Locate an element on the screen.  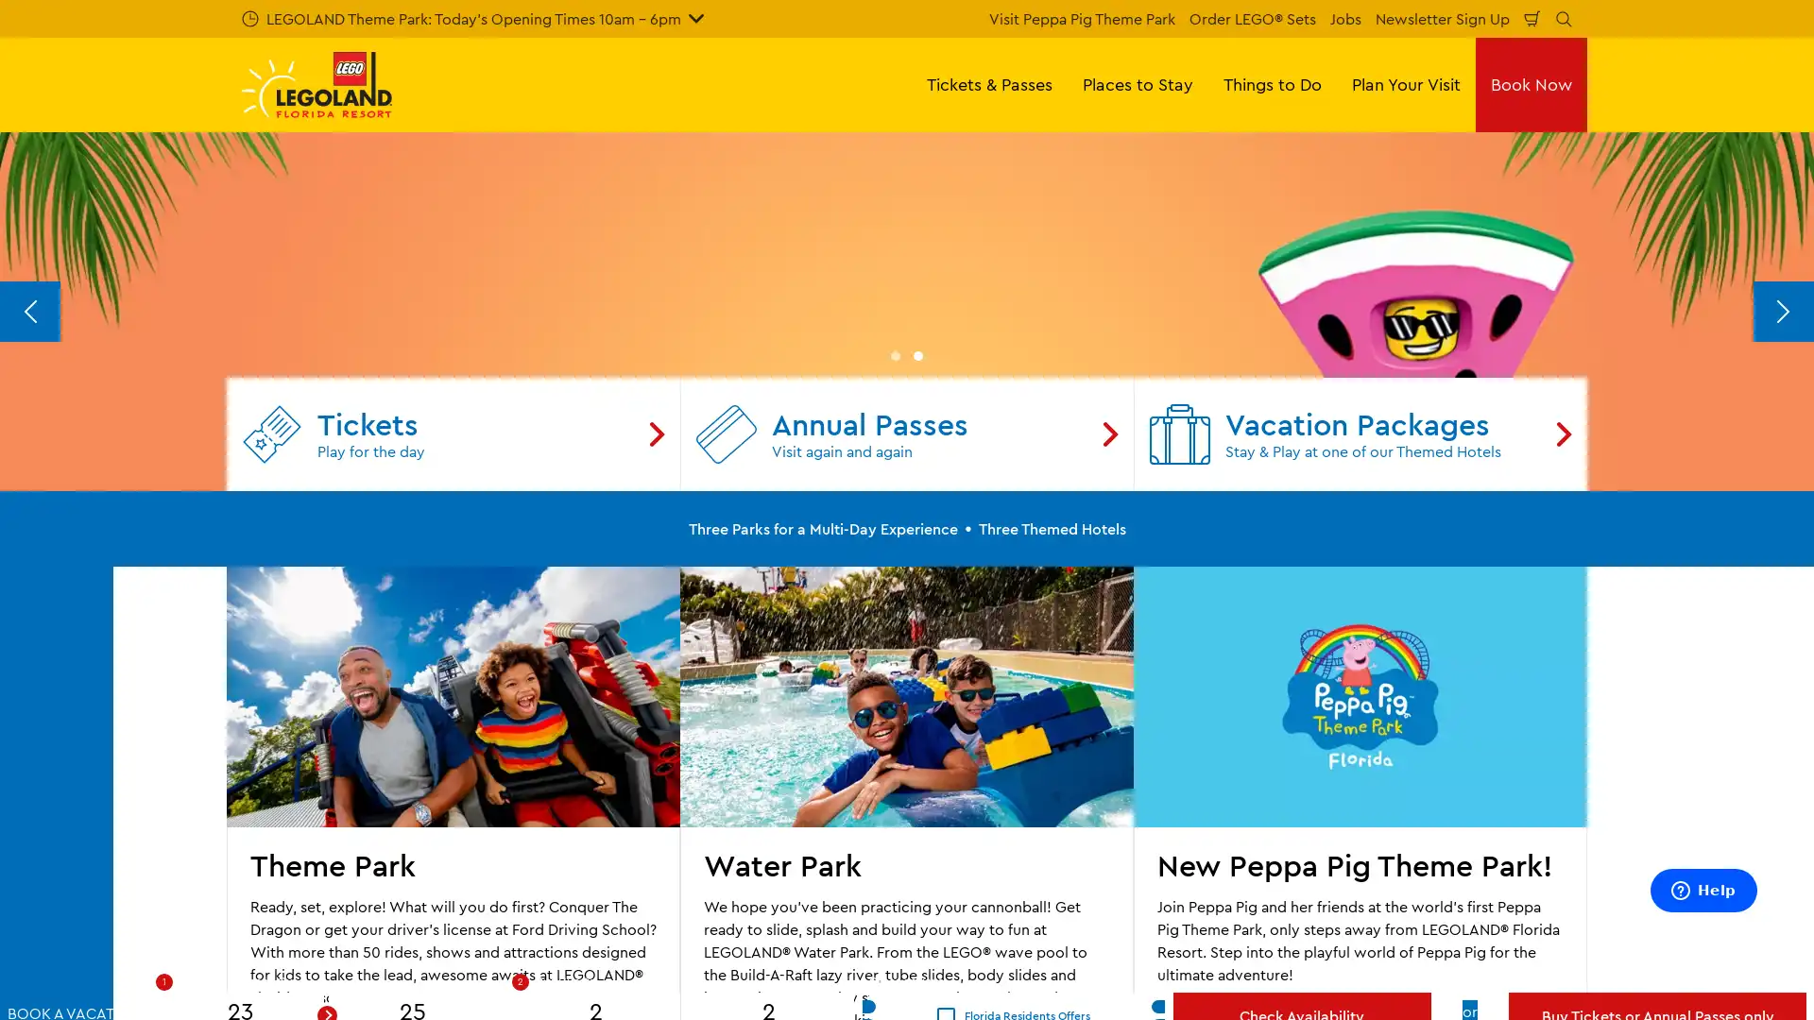
Plan Your Visit is located at coordinates (1406, 83).